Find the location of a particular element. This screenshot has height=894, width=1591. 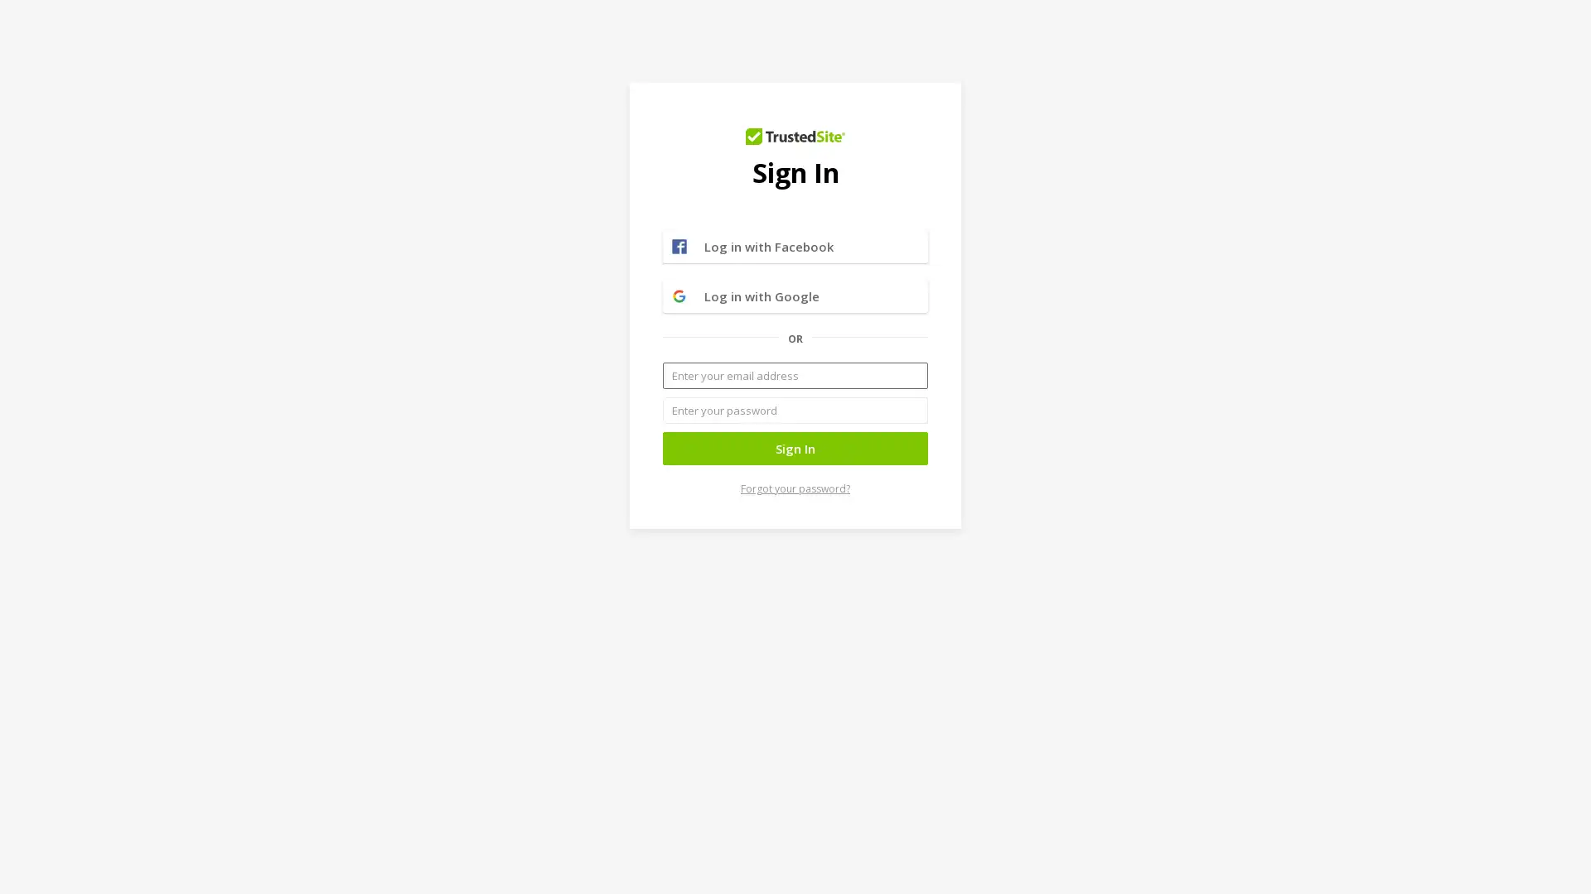

Sign In is located at coordinates (795, 449).